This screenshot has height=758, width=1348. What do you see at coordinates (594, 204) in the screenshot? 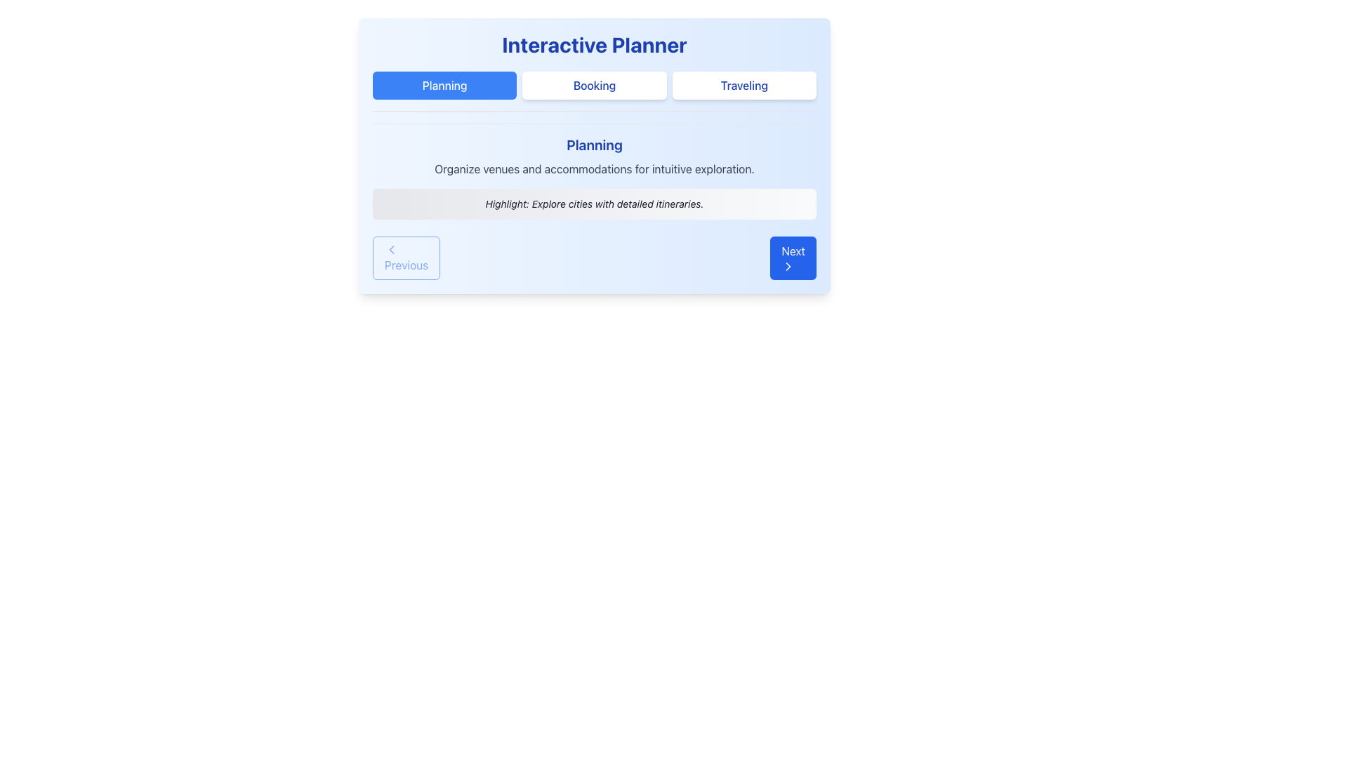
I see `text from the small, italicized dark gray text label that says 'Highlight: Explore cities with detailed itineraries.'` at bounding box center [594, 204].